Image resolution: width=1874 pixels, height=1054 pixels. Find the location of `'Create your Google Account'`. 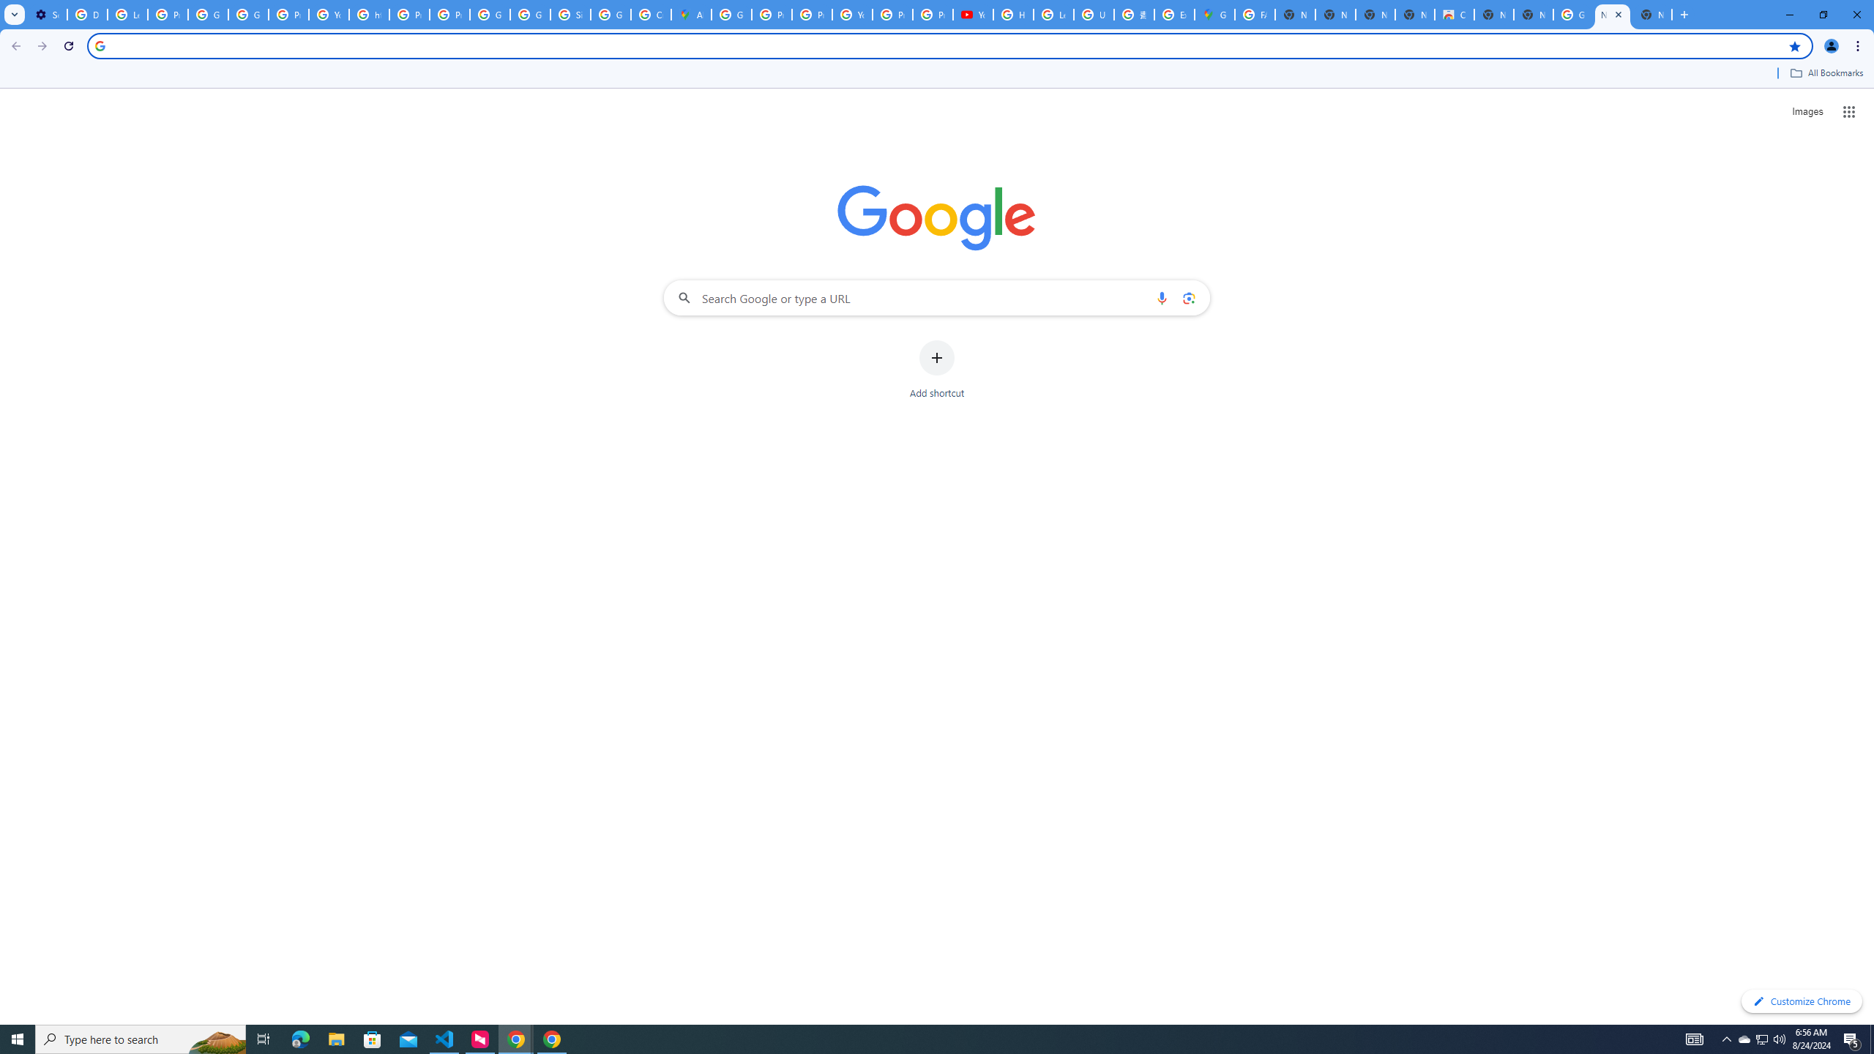

'Create your Google Account' is located at coordinates (650, 14).